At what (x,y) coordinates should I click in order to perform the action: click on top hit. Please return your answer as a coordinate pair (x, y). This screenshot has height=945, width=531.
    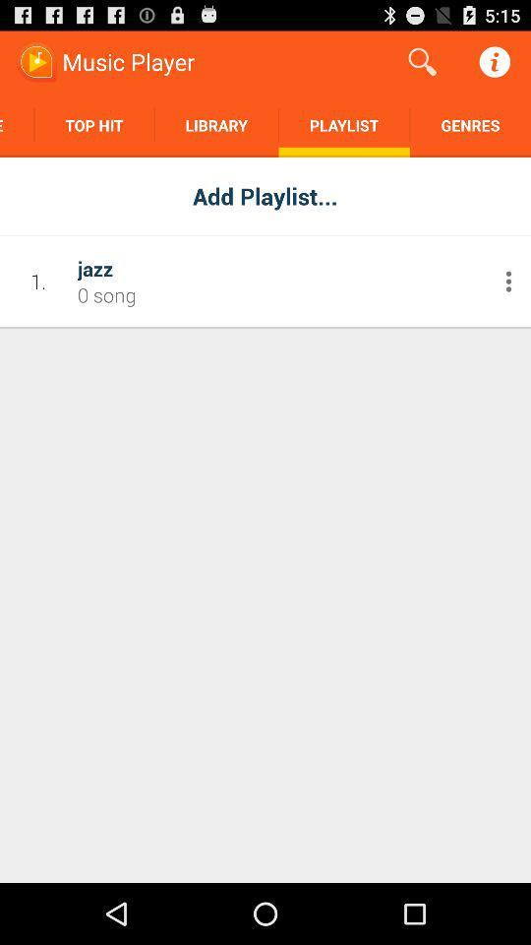
    Looking at the image, I should click on (93, 124).